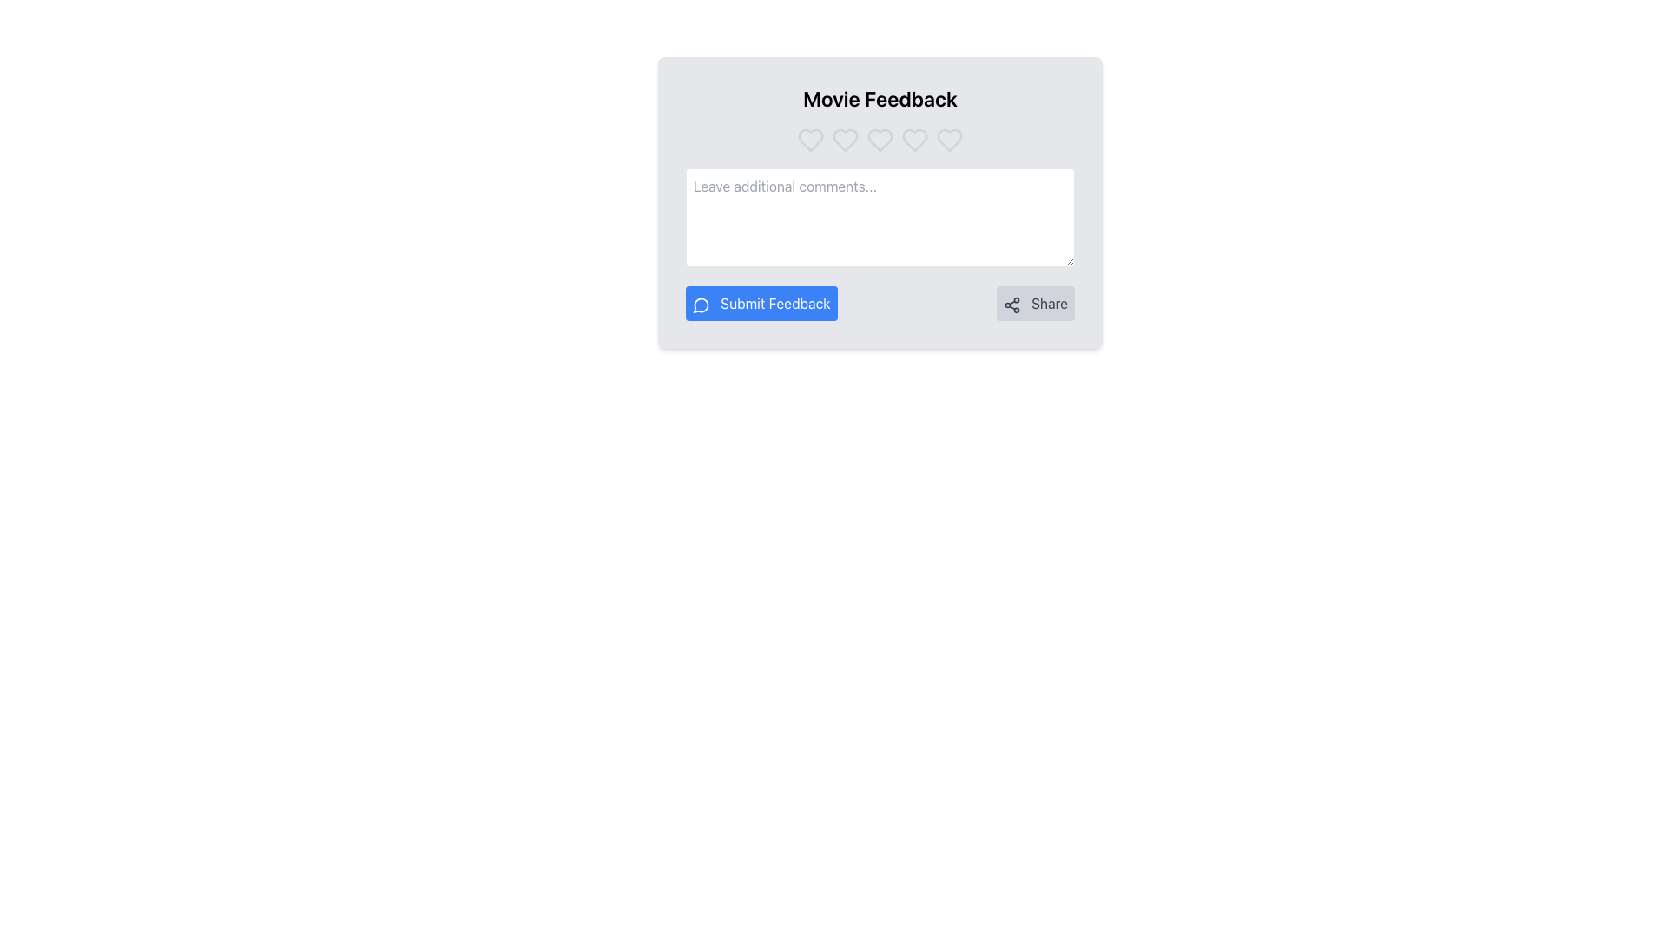  Describe the element at coordinates (1035, 303) in the screenshot. I see `the share feedback button located in the bottom-right corner of the feedback form, adjacent to the 'Submit Feedback' button` at that location.